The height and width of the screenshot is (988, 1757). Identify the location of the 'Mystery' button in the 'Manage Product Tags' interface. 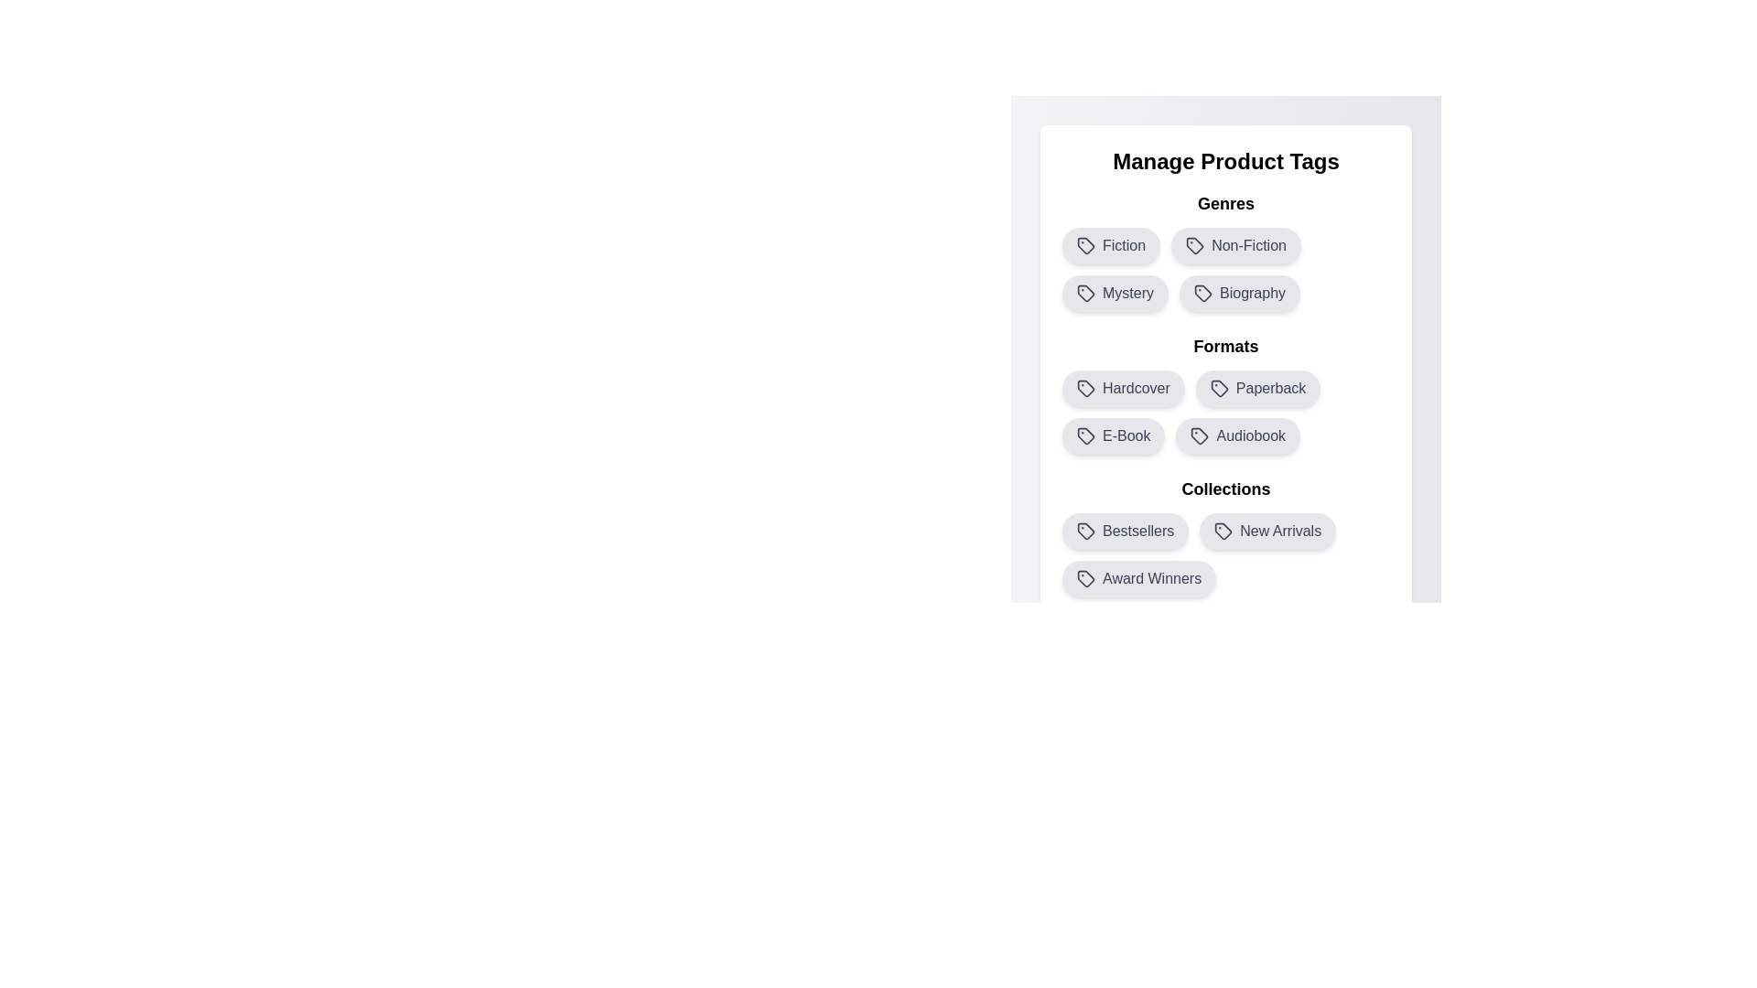
(1115, 292).